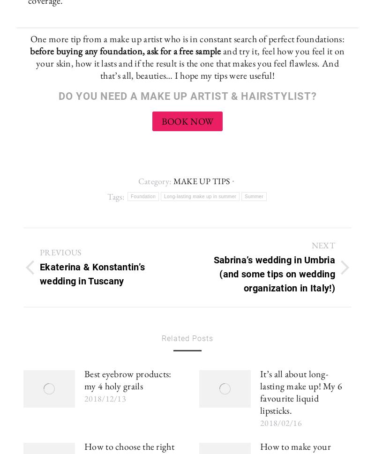 The image size is (375, 454). What do you see at coordinates (164, 196) in the screenshot?
I see `'Long-lasting make up in summer'` at bounding box center [164, 196].